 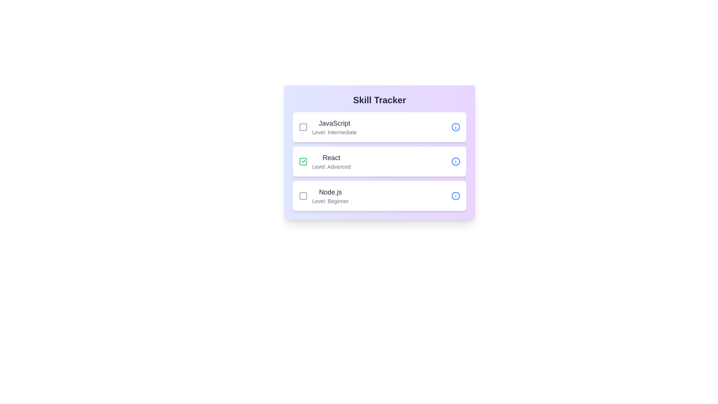 I want to click on information icon next to the skill JavaScript, so click(x=455, y=126).